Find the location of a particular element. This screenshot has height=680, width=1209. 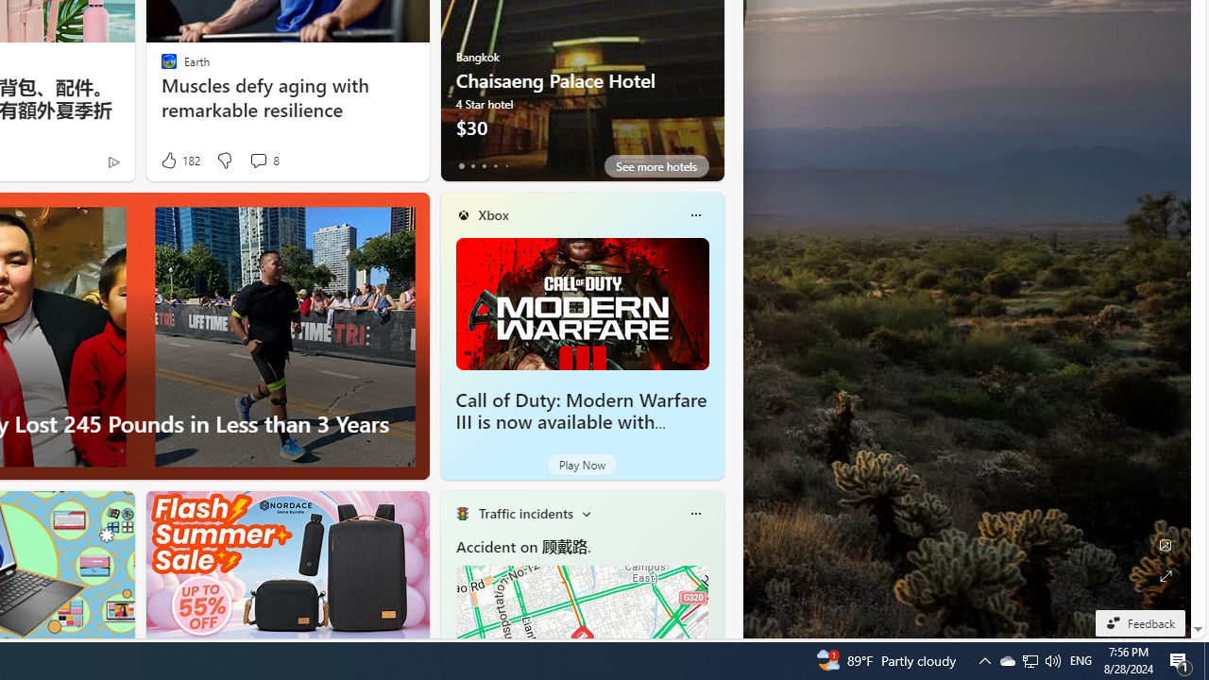

'Edit Background' is located at coordinates (1164, 545).